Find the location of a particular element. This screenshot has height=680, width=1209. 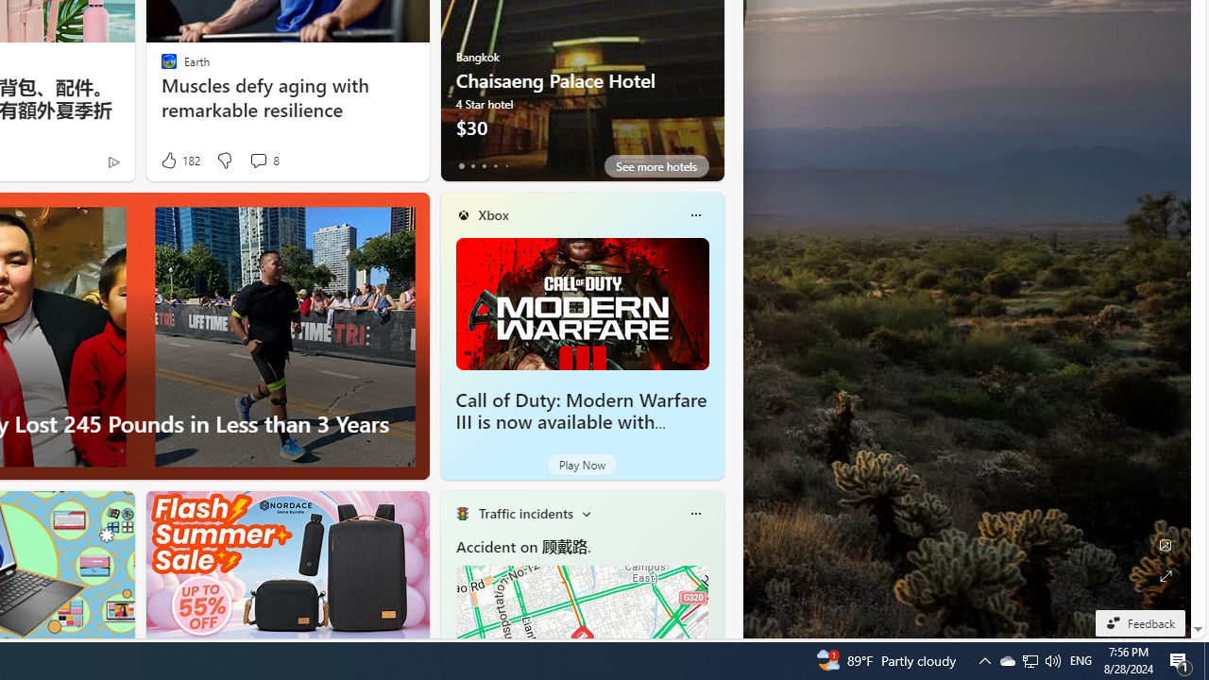

'Edit Background' is located at coordinates (1164, 545).